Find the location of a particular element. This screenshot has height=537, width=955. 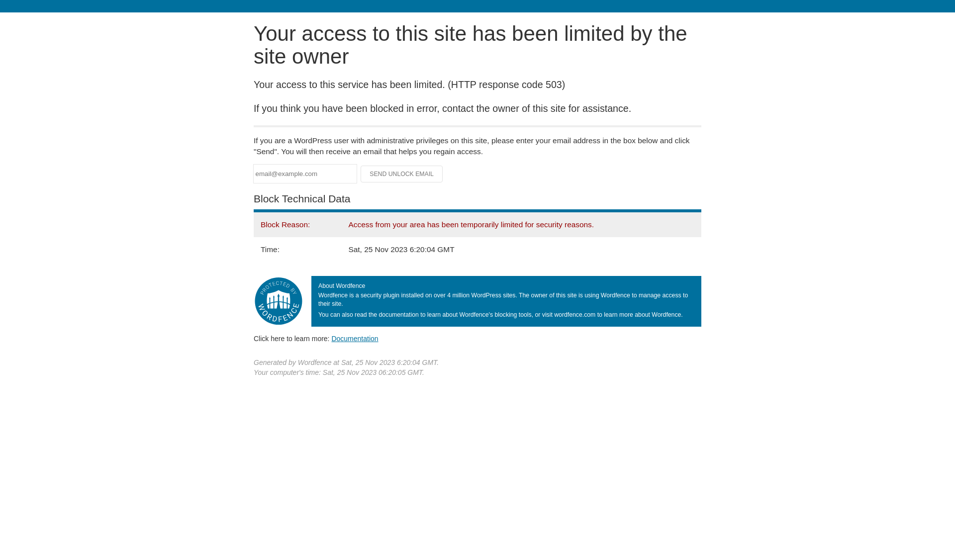

'Documentation' is located at coordinates (355, 338).